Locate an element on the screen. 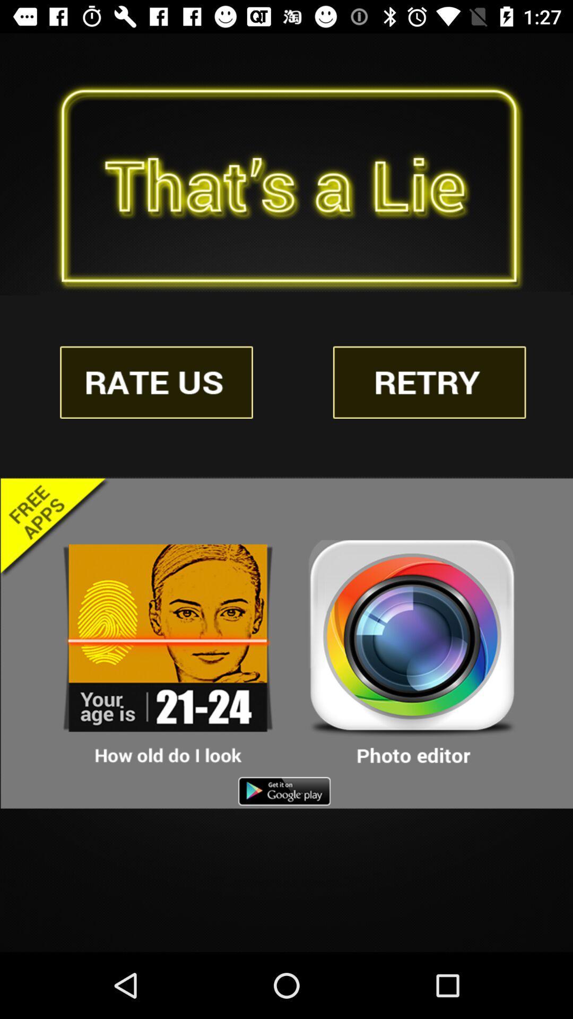 The image size is (573, 1019). open app is located at coordinates (412, 653).